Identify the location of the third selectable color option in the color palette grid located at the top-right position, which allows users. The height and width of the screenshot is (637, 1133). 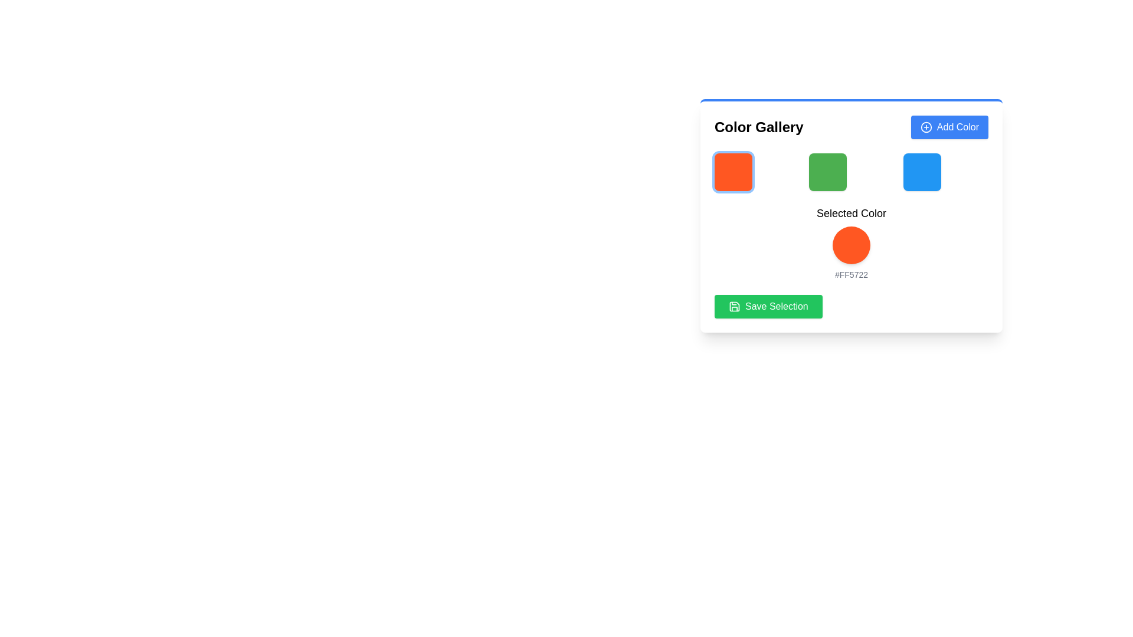
(922, 172).